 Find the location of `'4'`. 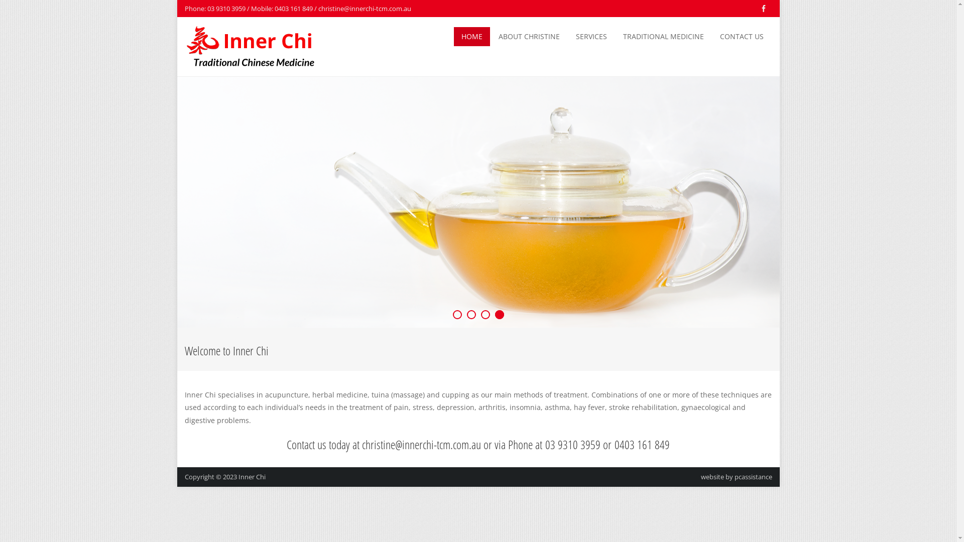

'4' is located at coordinates (499, 314).